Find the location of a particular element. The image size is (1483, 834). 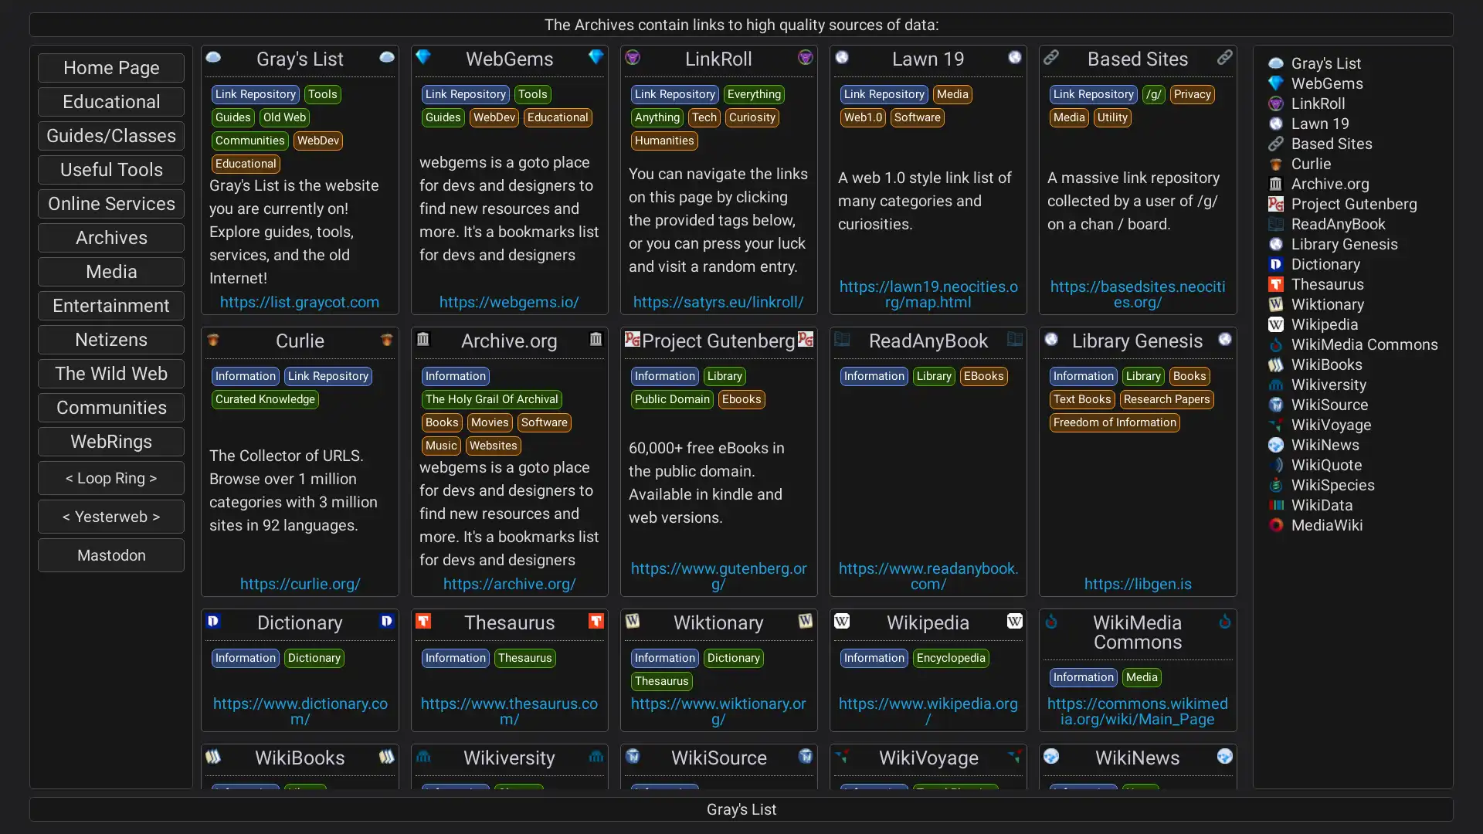

Home Page is located at coordinates (110, 67).